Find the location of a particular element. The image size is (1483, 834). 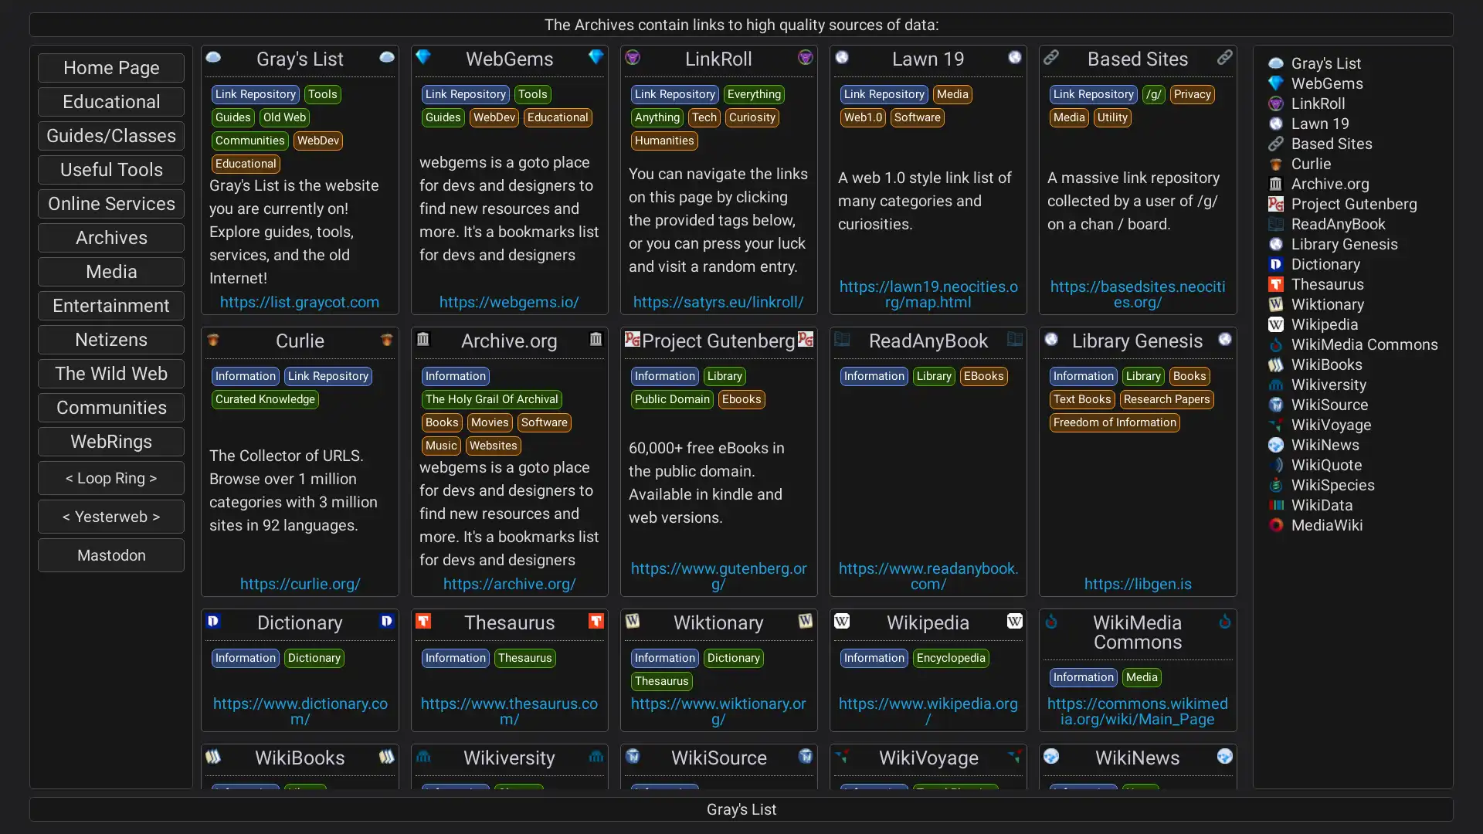

Home Page is located at coordinates (110, 67).